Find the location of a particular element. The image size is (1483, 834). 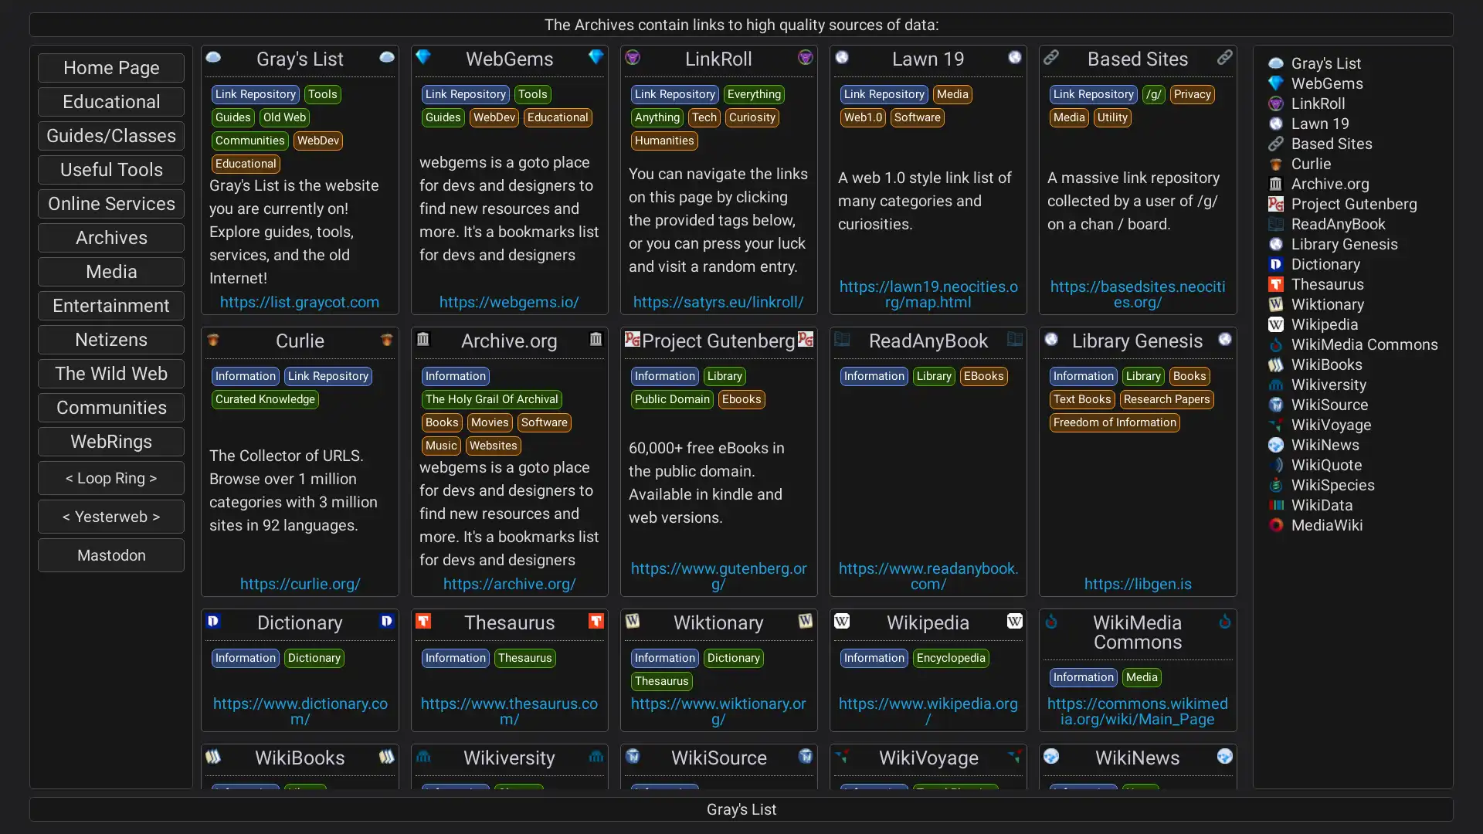

Home Page is located at coordinates (110, 67).